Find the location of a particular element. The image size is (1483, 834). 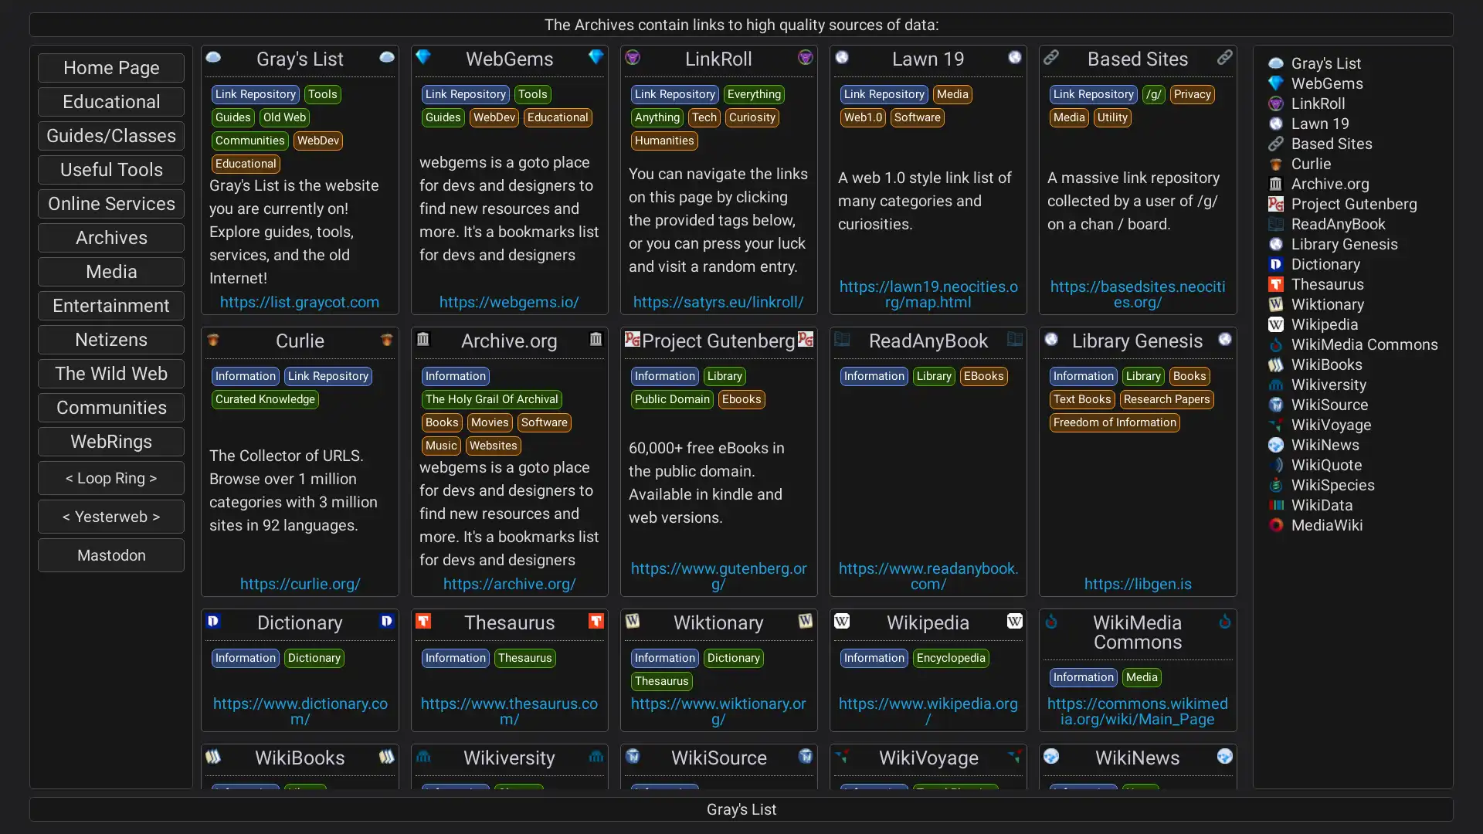

Home Page is located at coordinates (110, 67).